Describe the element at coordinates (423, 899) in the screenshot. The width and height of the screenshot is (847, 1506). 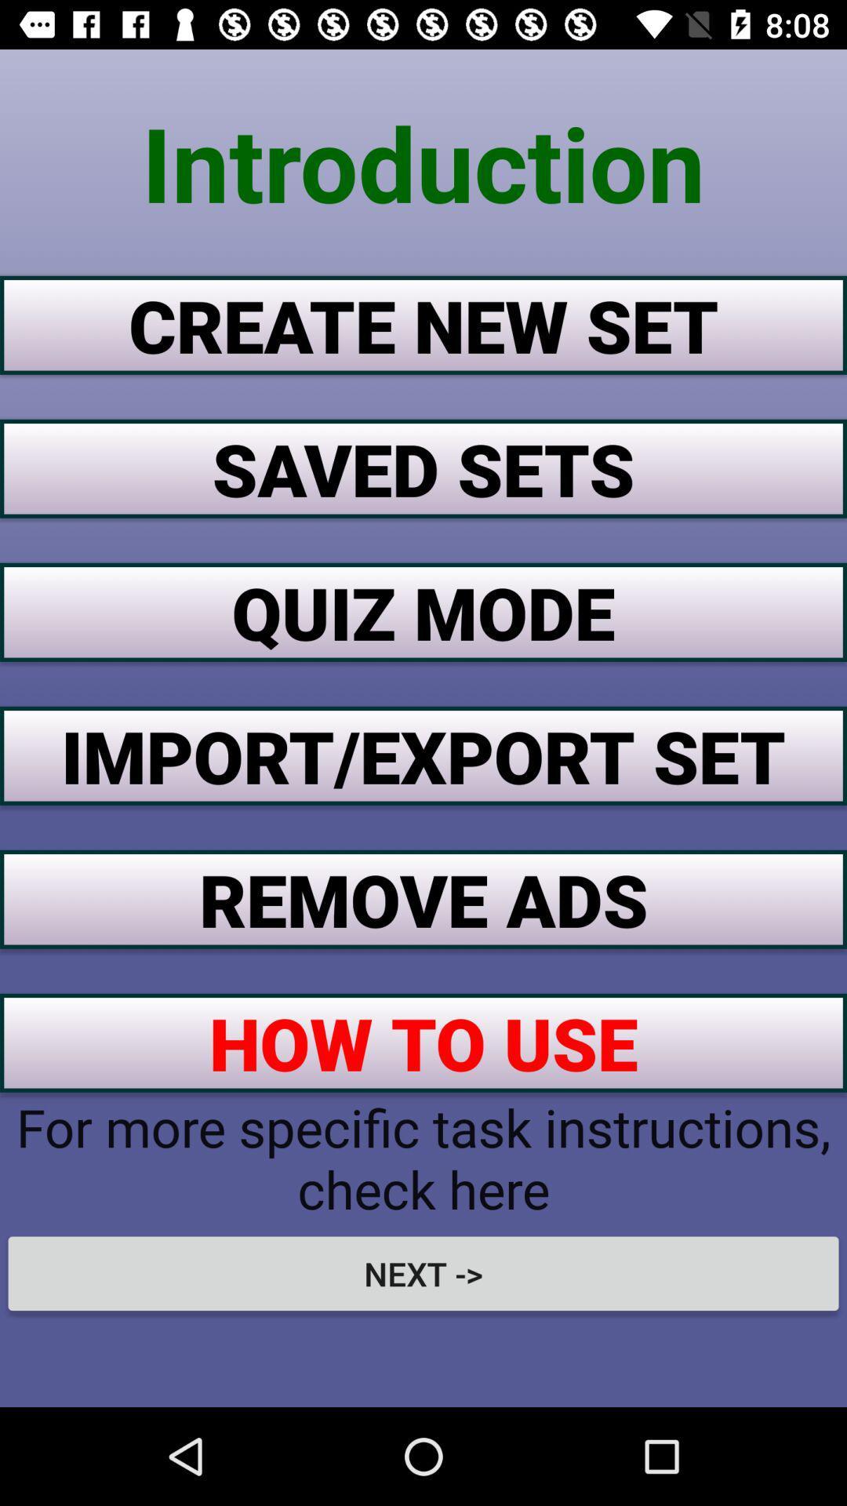
I see `item below import/export set item` at that location.